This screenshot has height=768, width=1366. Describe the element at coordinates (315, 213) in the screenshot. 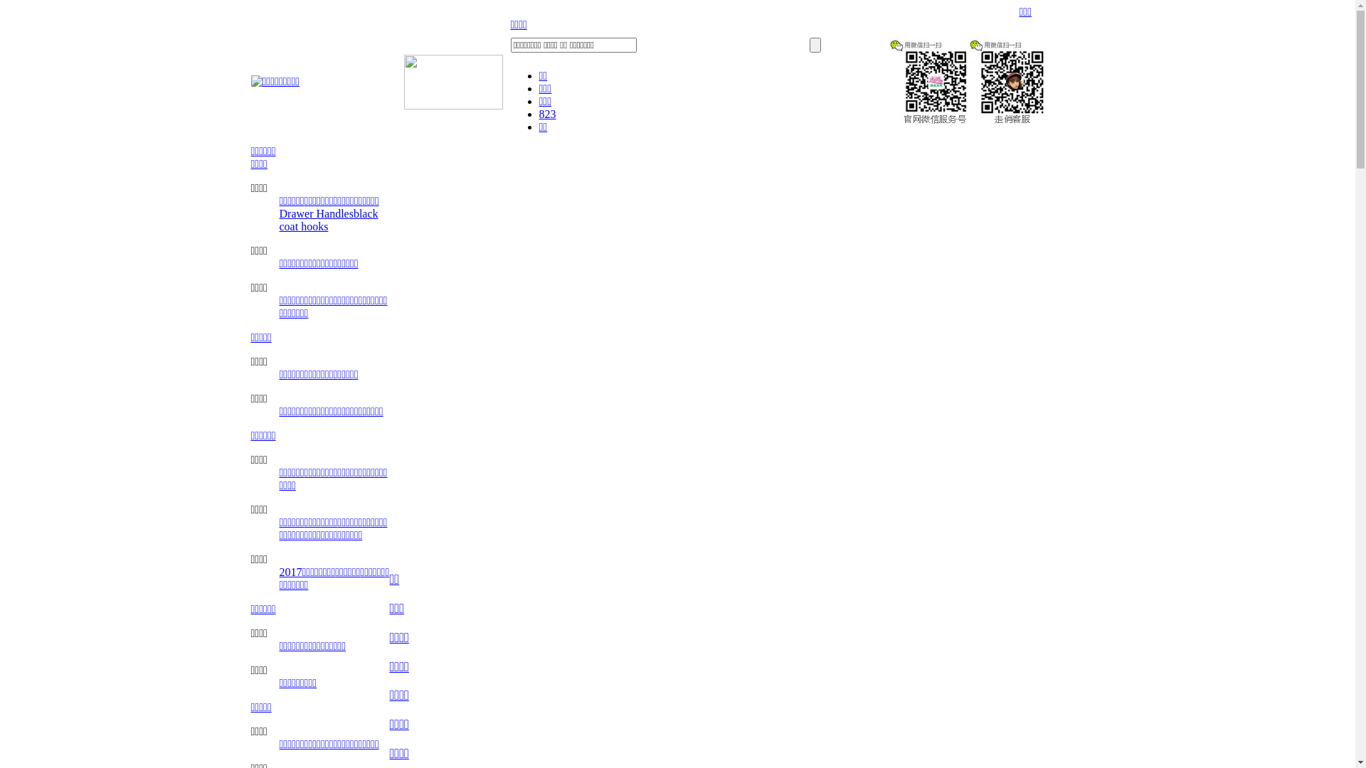

I see `'Drawer Handles'` at that location.